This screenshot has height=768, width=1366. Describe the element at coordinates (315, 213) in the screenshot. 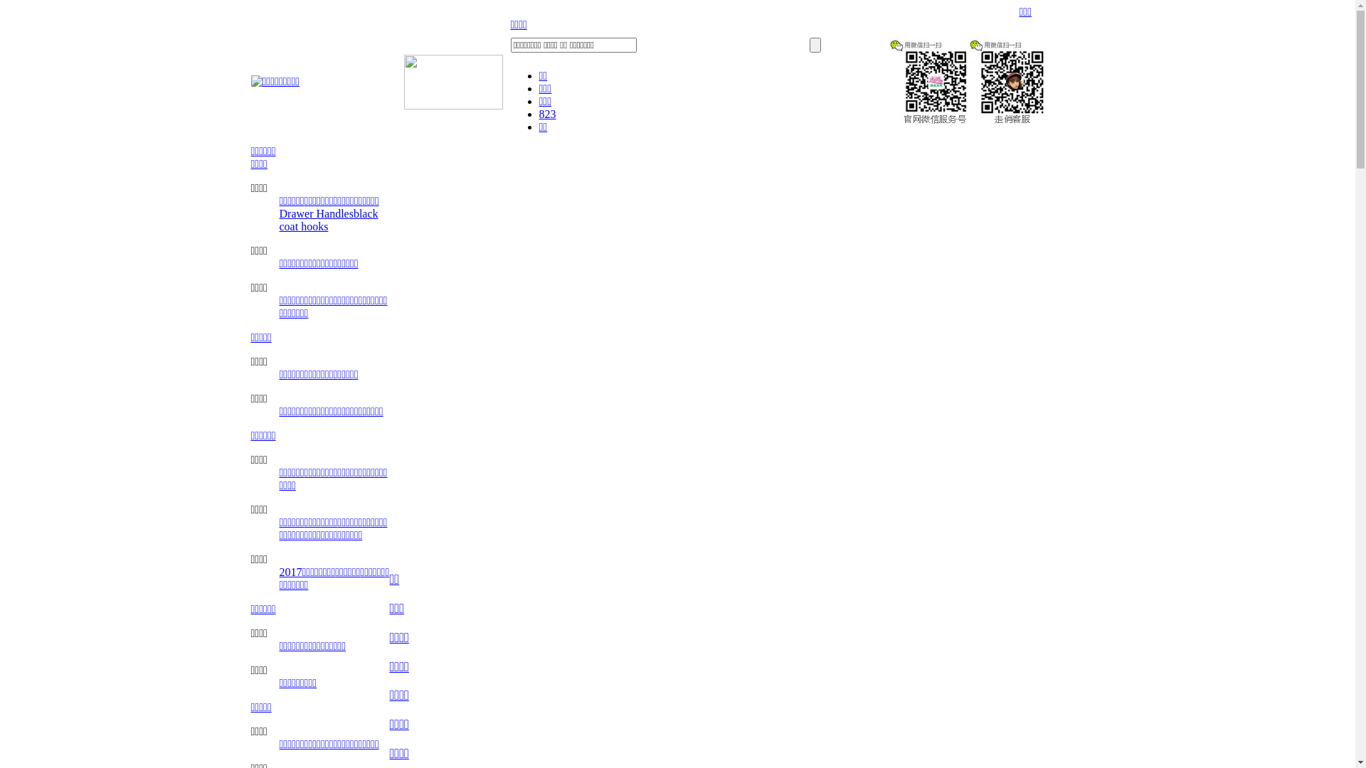

I see `'Drawer Handles'` at that location.